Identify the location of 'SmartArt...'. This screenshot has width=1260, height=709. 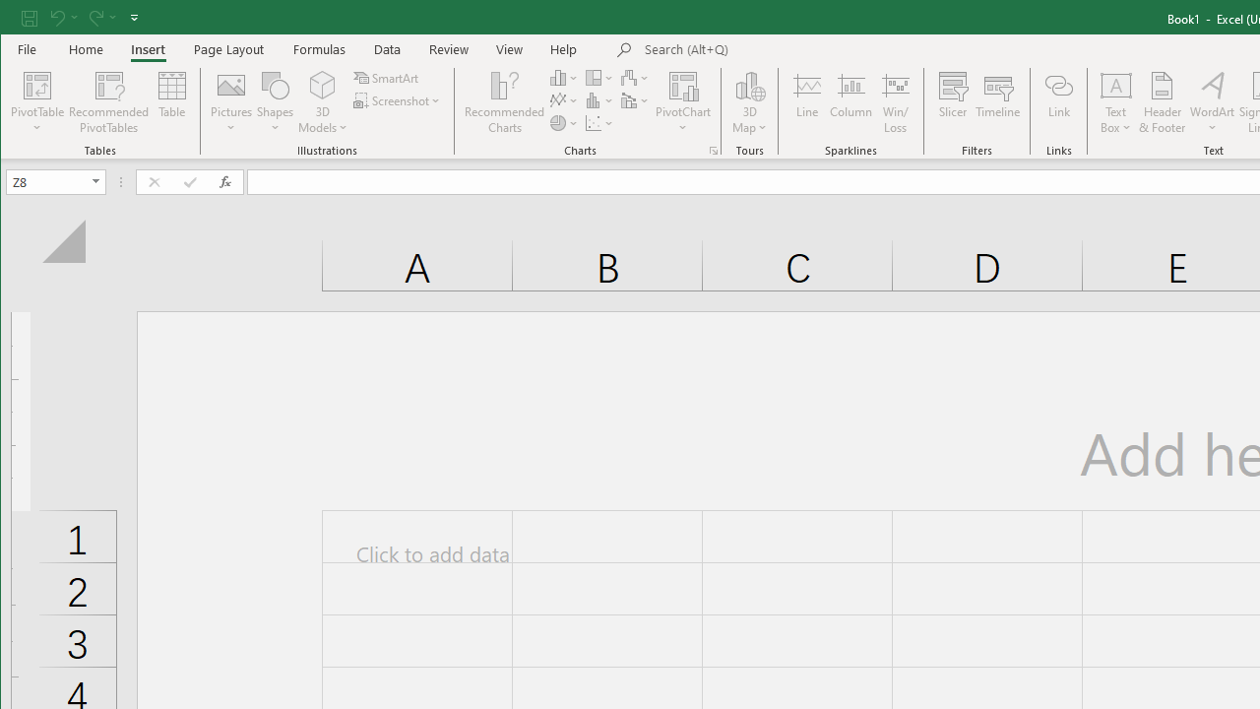
(388, 77).